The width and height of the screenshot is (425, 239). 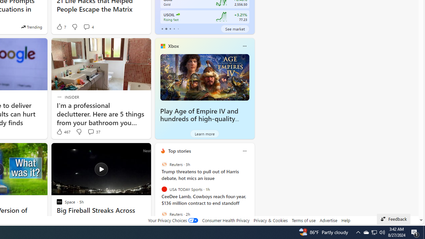 I want to click on 'View comments 4 Comment', so click(x=86, y=27).